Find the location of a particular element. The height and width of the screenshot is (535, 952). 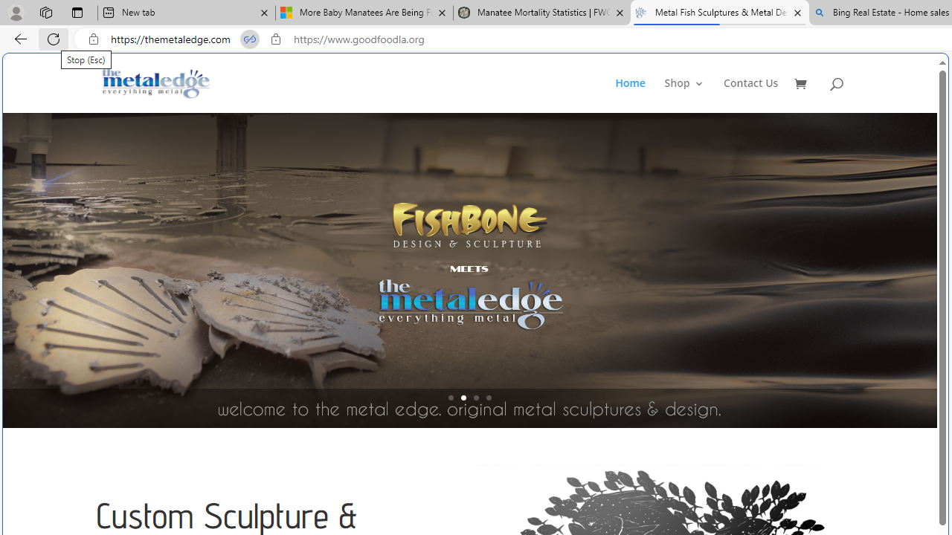

'3' is located at coordinates (476, 397).